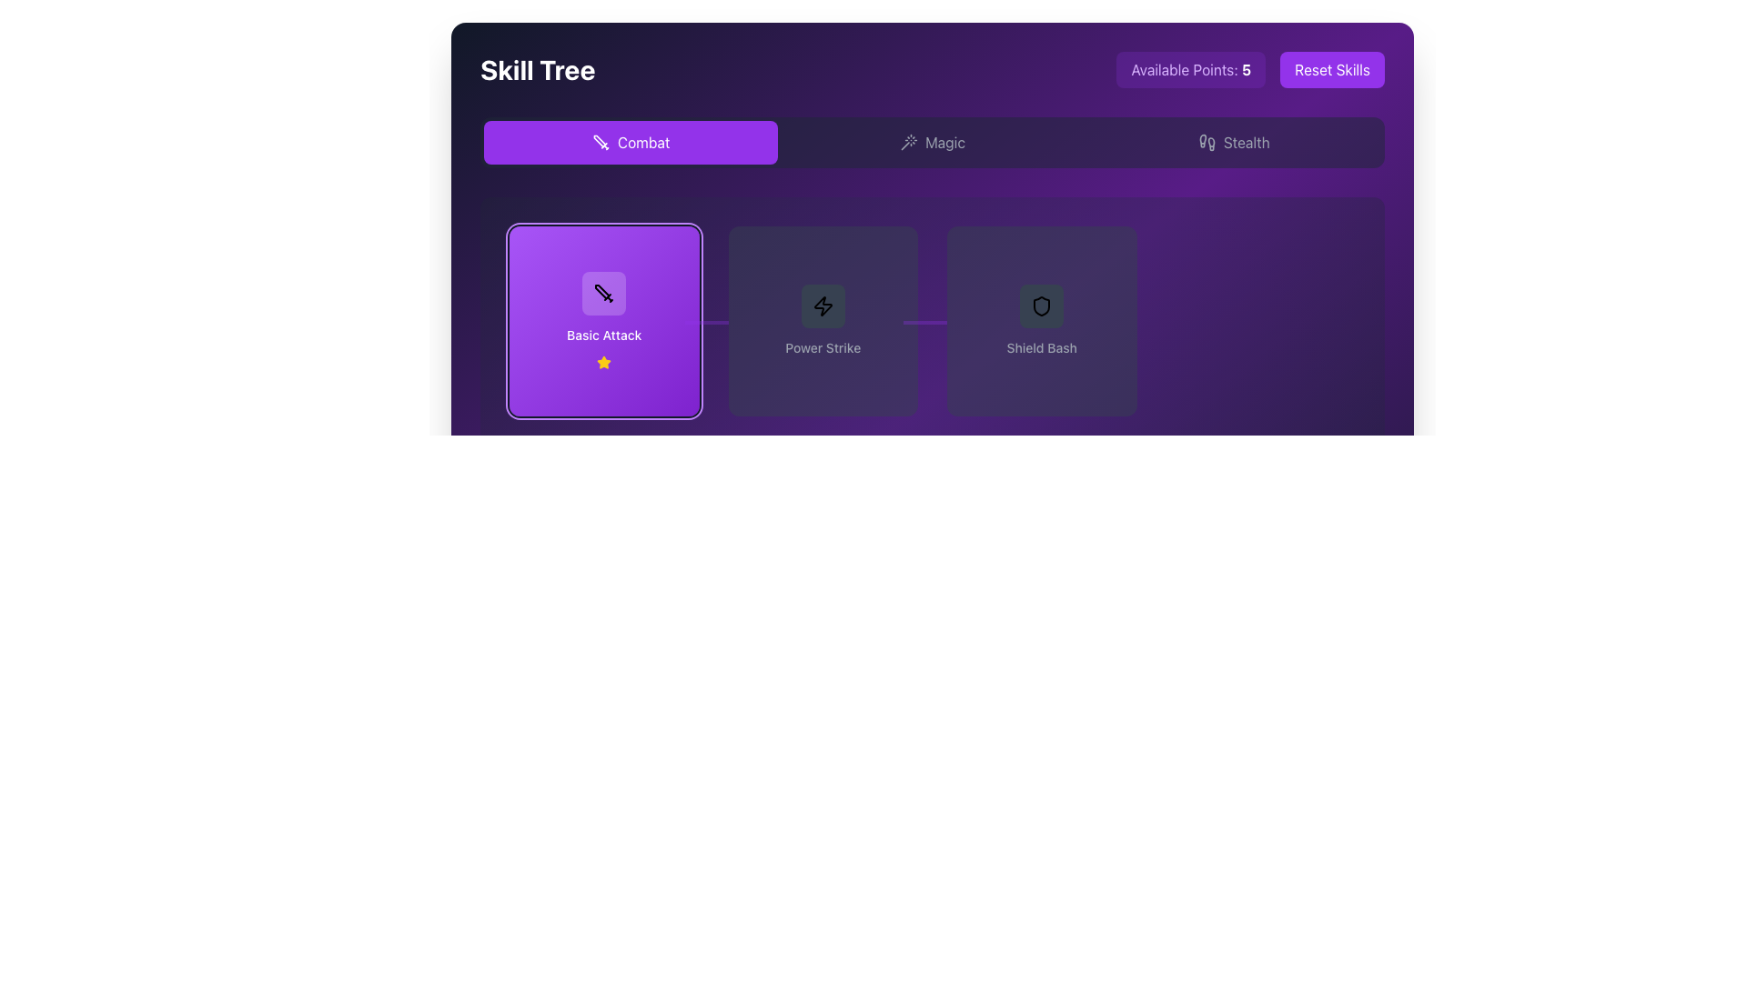  I want to click on label of the skill associated with the first purple rectangular box in the skill tree display, which contains descriptive information about the skill, so click(604, 336).